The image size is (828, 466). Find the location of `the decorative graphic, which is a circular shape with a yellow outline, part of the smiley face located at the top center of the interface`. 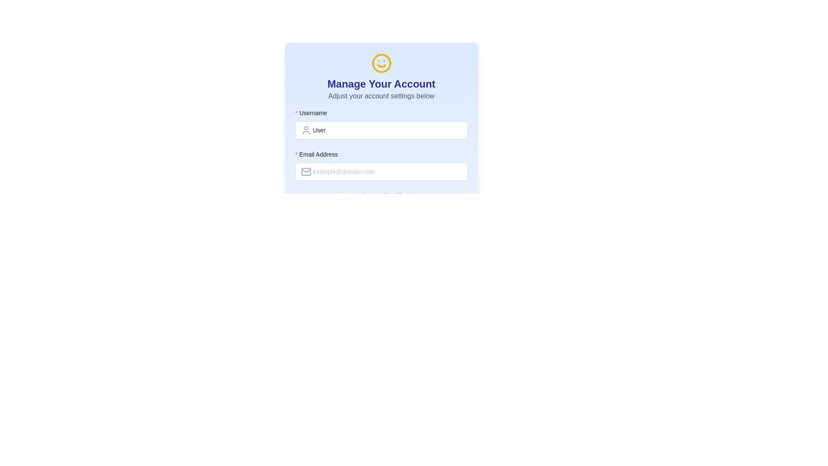

the decorative graphic, which is a circular shape with a yellow outline, part of the smiley face located at the top center of the interface is located at coordinates (381, 63).